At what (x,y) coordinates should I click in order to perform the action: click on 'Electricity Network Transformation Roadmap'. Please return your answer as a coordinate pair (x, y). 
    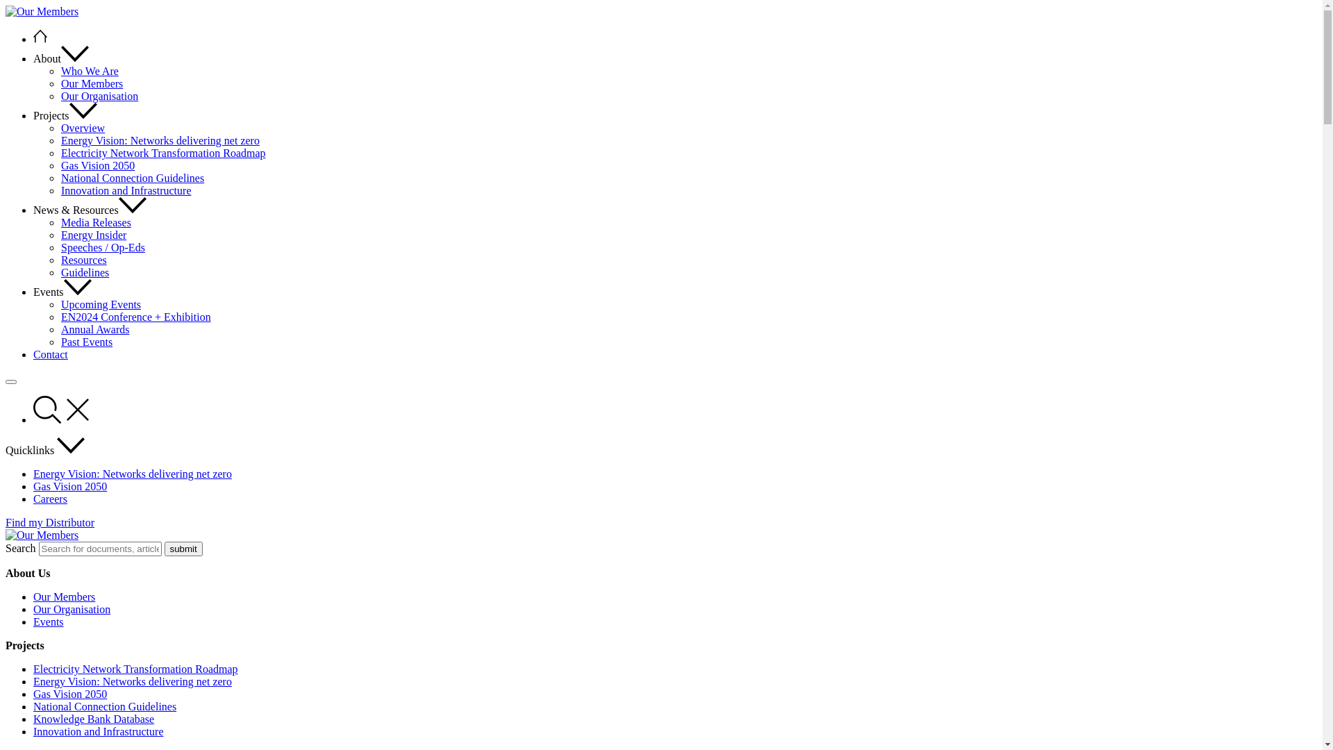
    Looking at the image, I should click on (163, 153).